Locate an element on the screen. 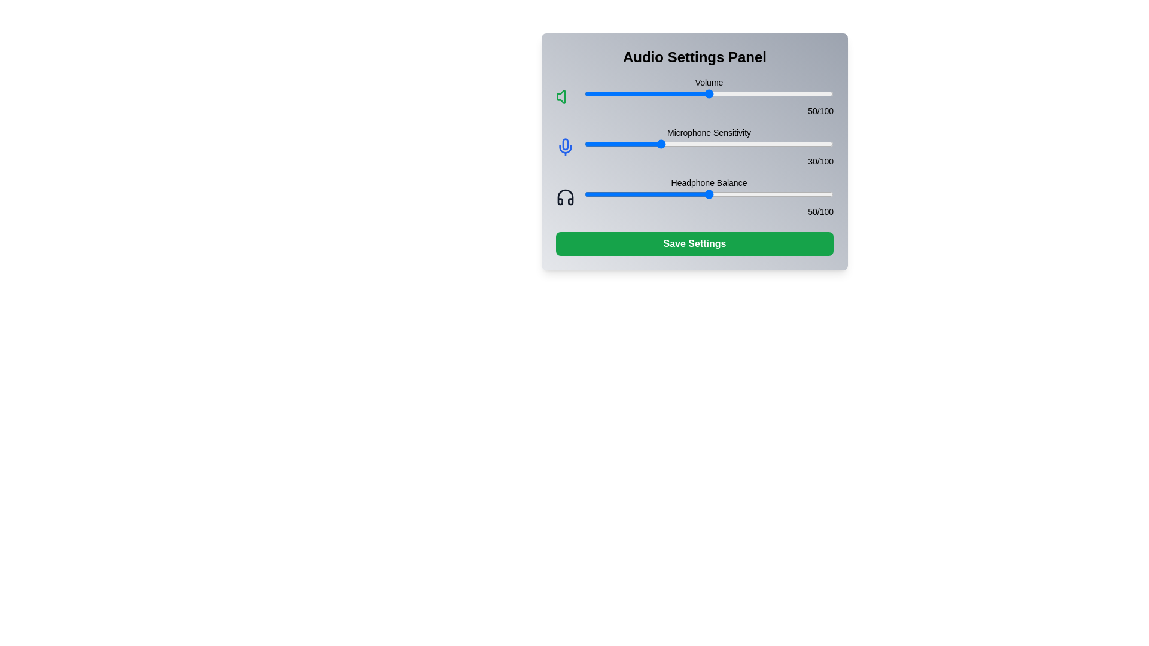 The width and height of the screenshot is (1149, 646). microphone sensitivity is located at coordinates (674, 143).